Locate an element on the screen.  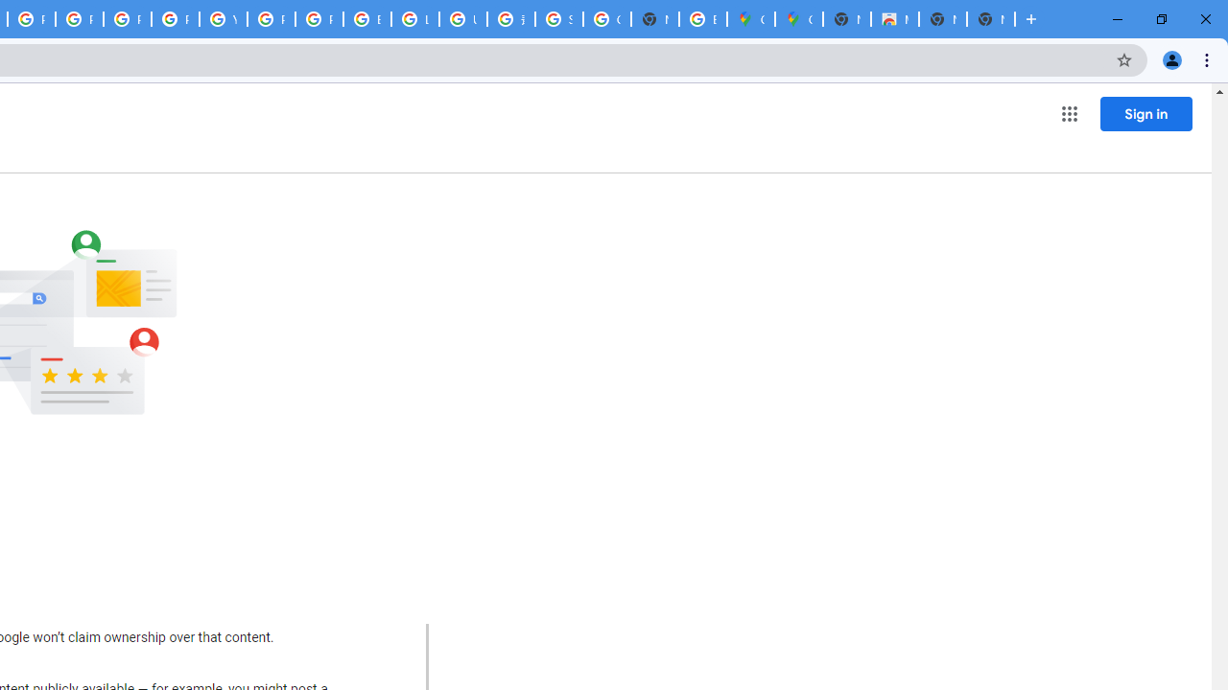
'Privacy Help Center - Policies Help' is located at coordinates (126, 19).